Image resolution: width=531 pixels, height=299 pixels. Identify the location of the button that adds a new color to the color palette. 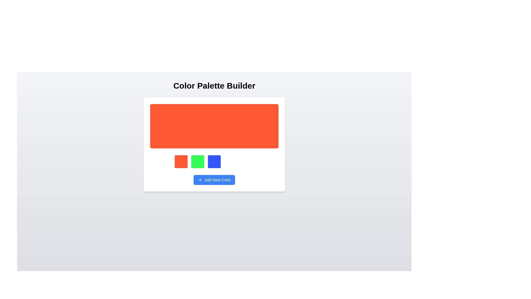
(214, 180).